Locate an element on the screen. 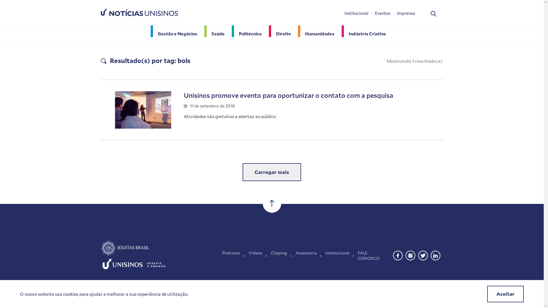  'Aceitar' is located at coordinates (505, 294).